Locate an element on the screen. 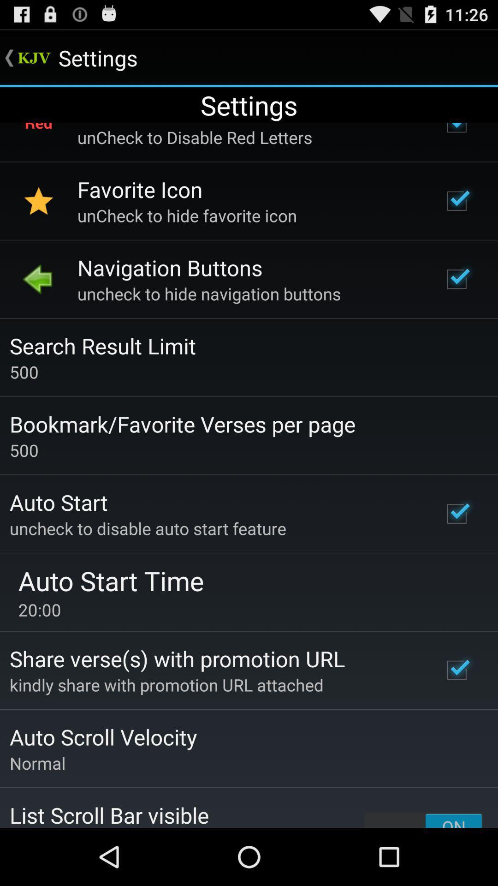 The image size is (498, 886). the star icon on the web page is located at coordinates (38, 201).